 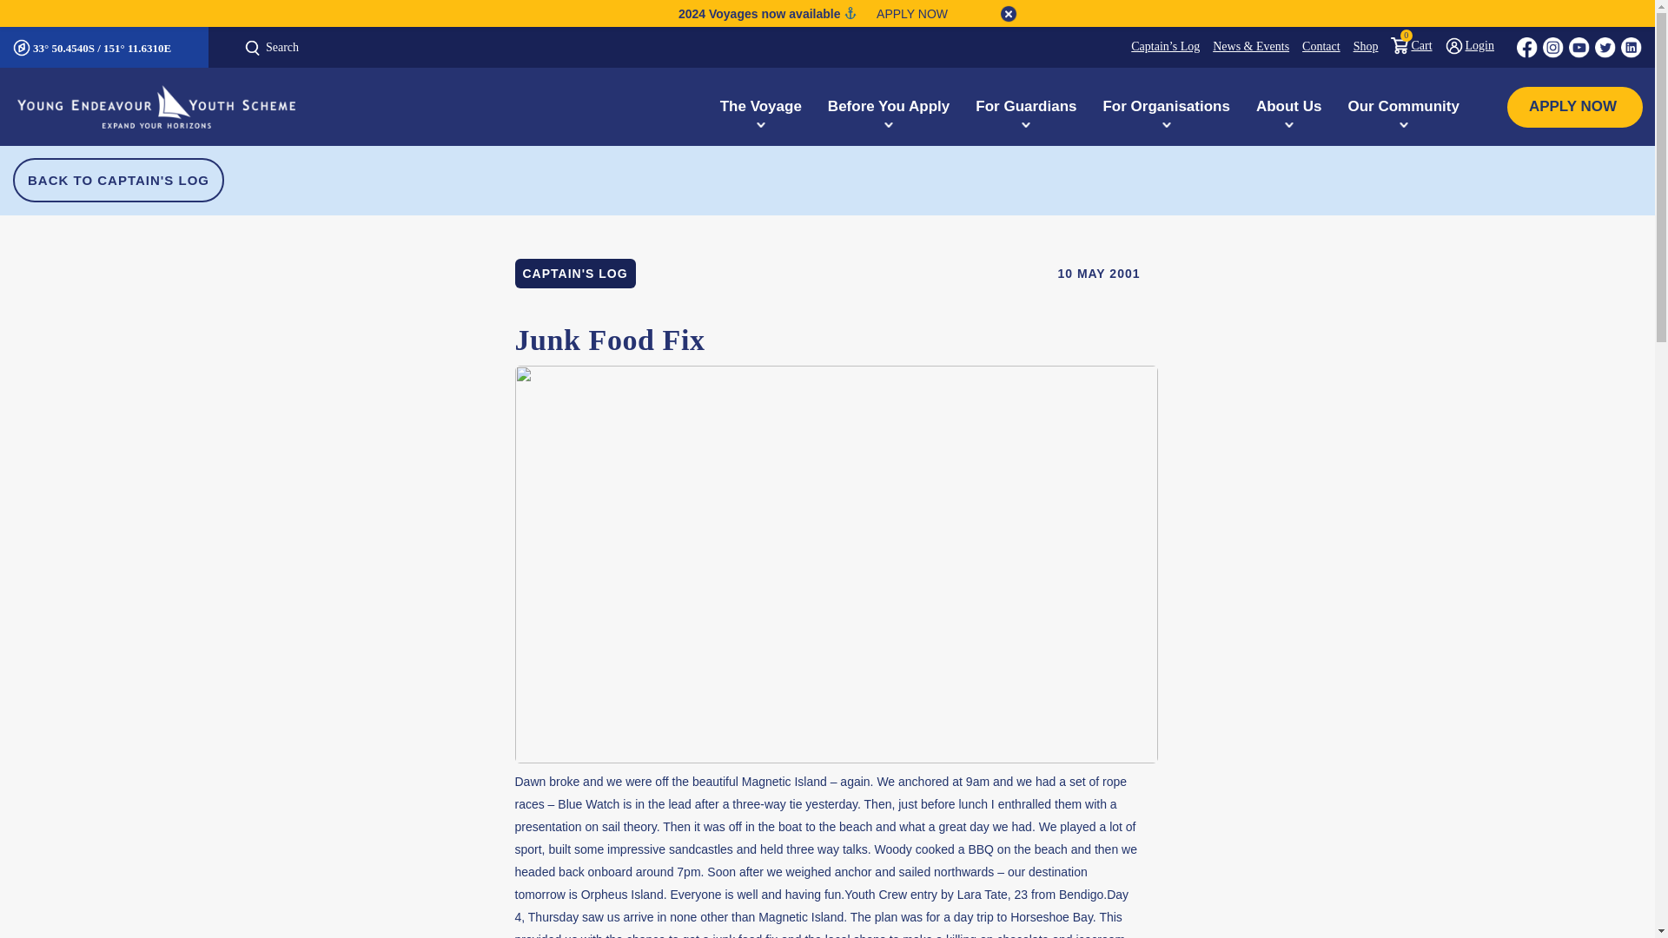 What do you see at coordinates (1243, 46) in the screenshot?
I see `'News & Events'` at bounding box center [1243, 46].